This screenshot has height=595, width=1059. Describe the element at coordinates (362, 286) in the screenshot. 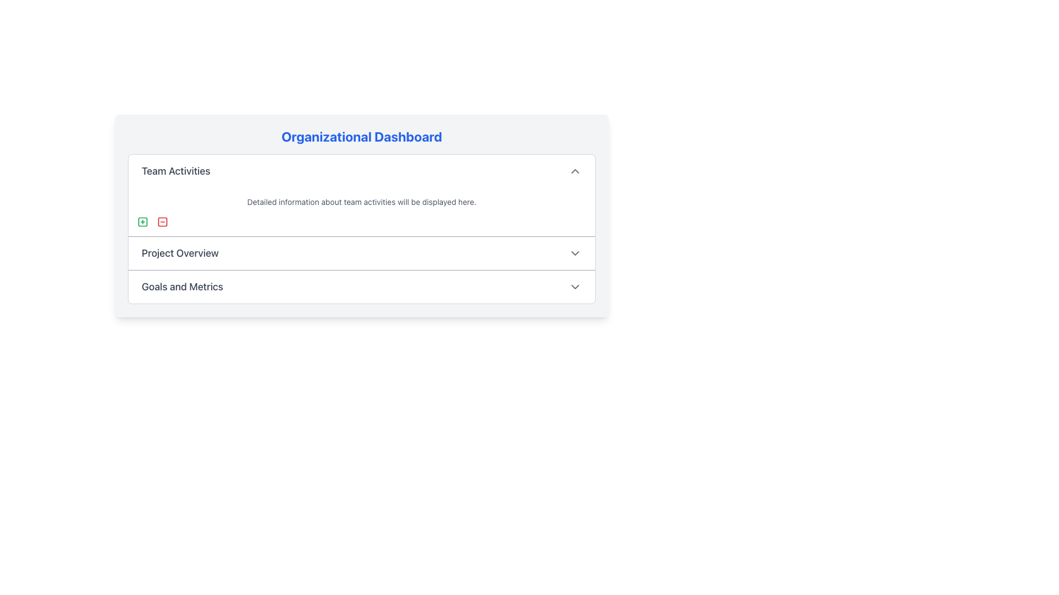

I see `the clickable menu item for 'Goals and Metrics'` at that location.